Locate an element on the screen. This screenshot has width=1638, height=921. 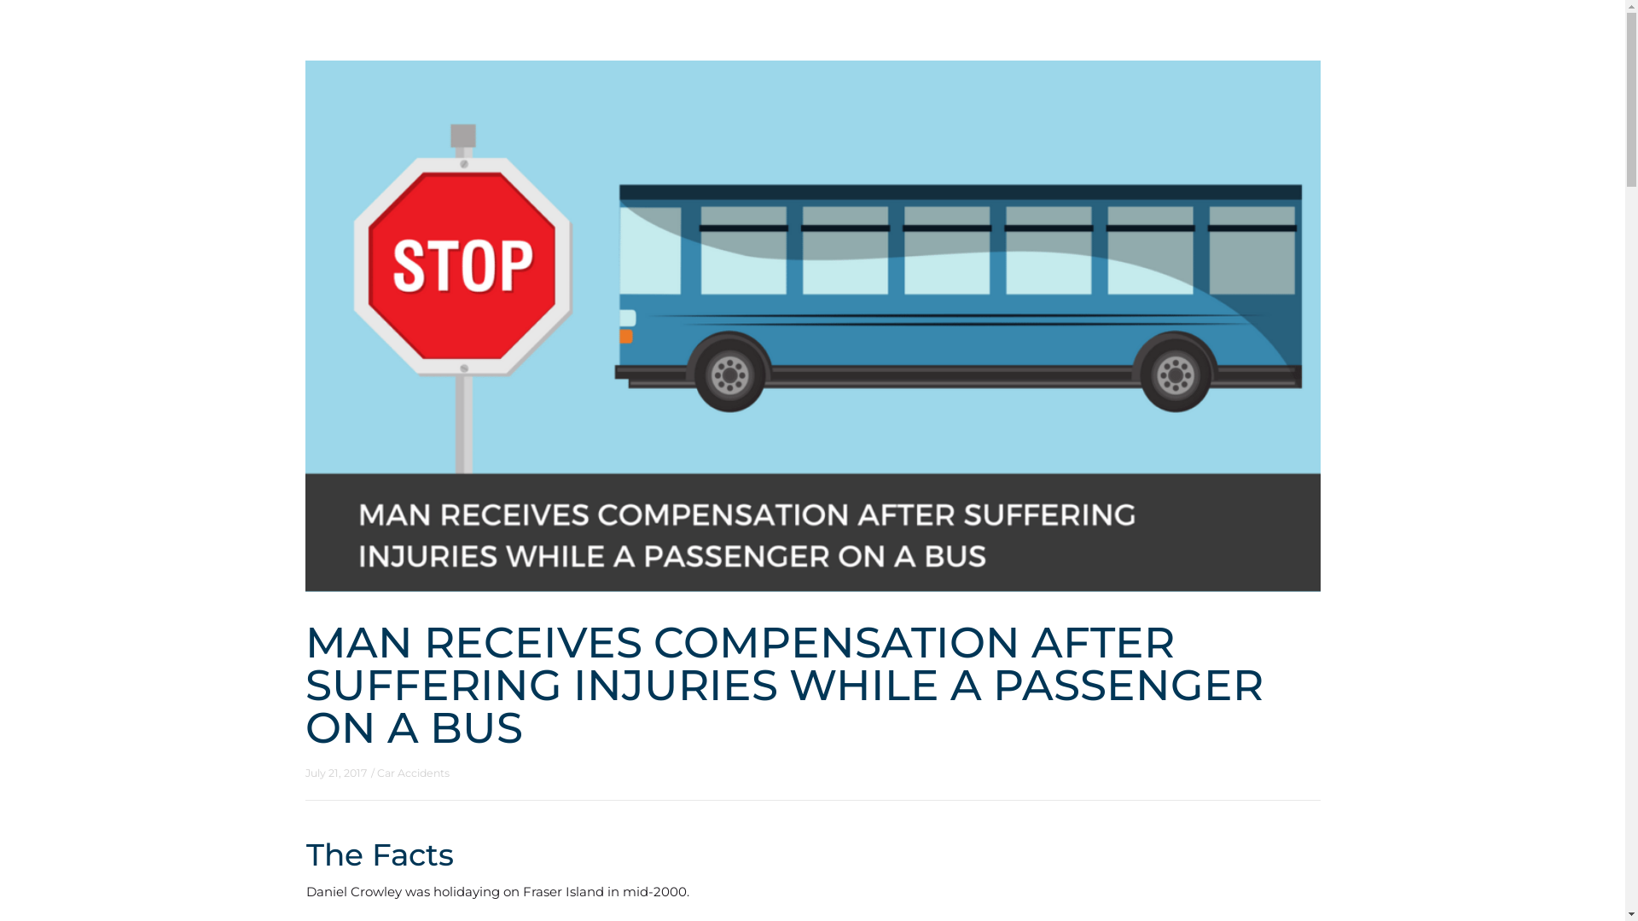
'Car Accidents' is located at coordinates (413, 773).